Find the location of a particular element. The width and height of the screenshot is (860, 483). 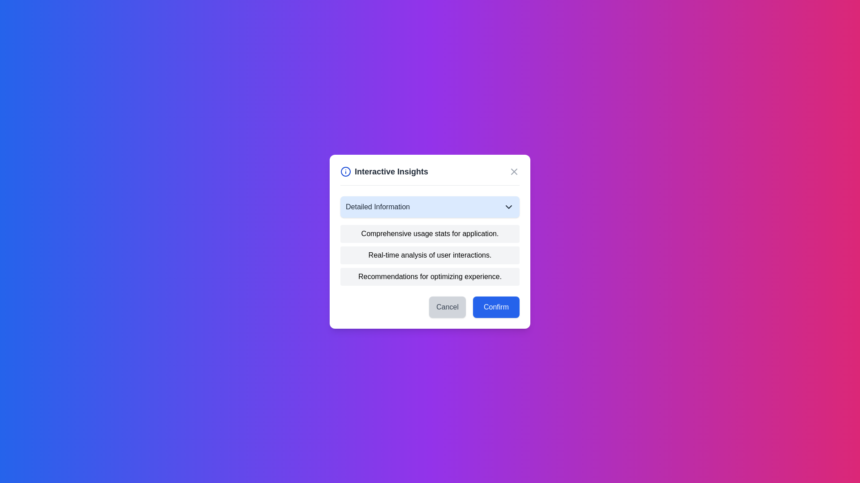

the confirmation button located in the bottom-right corner of the dialog box to confirm the current selection or action is located at coordinates (496, 306).